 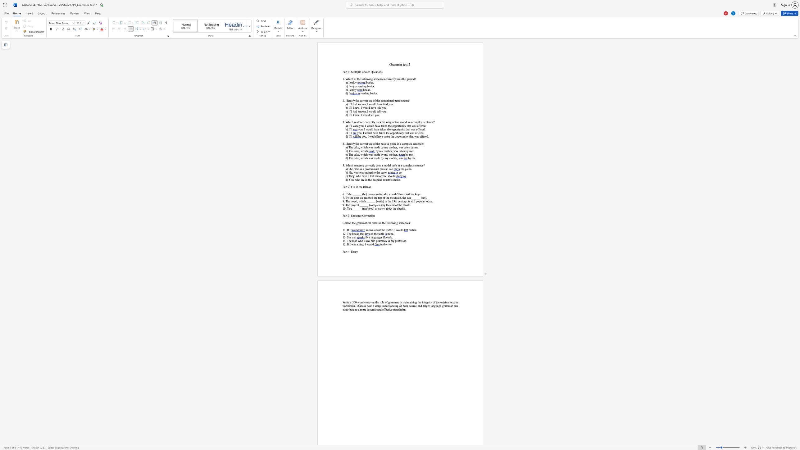 What do you see at coordinates (364, 154) in the screenshot?
I see `the space between the continuous character "h" and "i" in the text` at bounding box center [364, 154].